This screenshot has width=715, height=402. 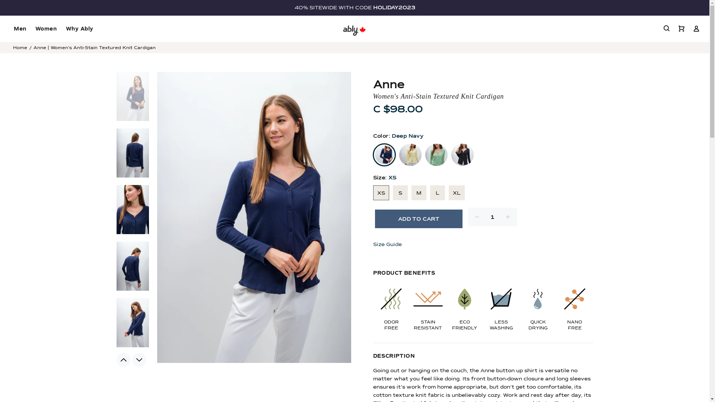 What do you see at coordinates (46, 28) in the screenshot?
I see `'Women'` at bounding box center [46, 28].